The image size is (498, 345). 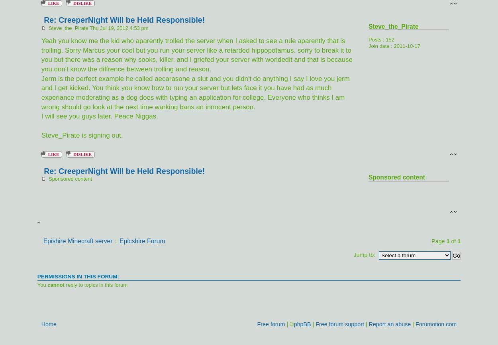 I want to click on '2011-10-17', so click(x=407, y=45).